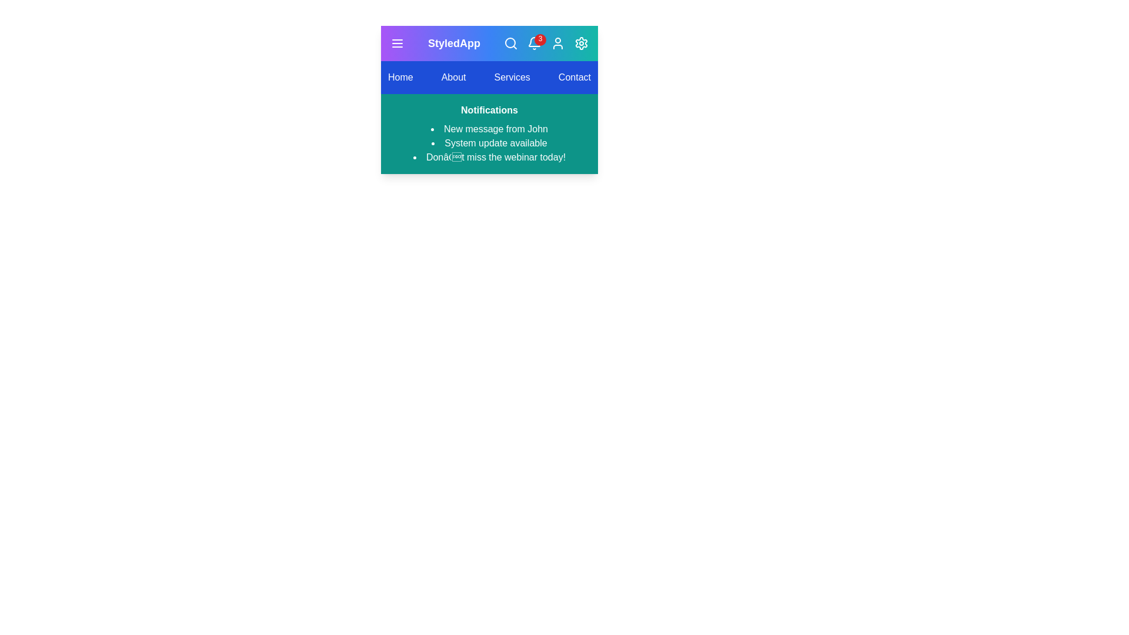 The height and width of the screenshot is (635, 1129). Describe the element at coordinates (539, 39) in the screenshot. I see `the Notification Badge located in the top-right corner of the bell icon component in the header section to interpret the pending notifications` at that location.